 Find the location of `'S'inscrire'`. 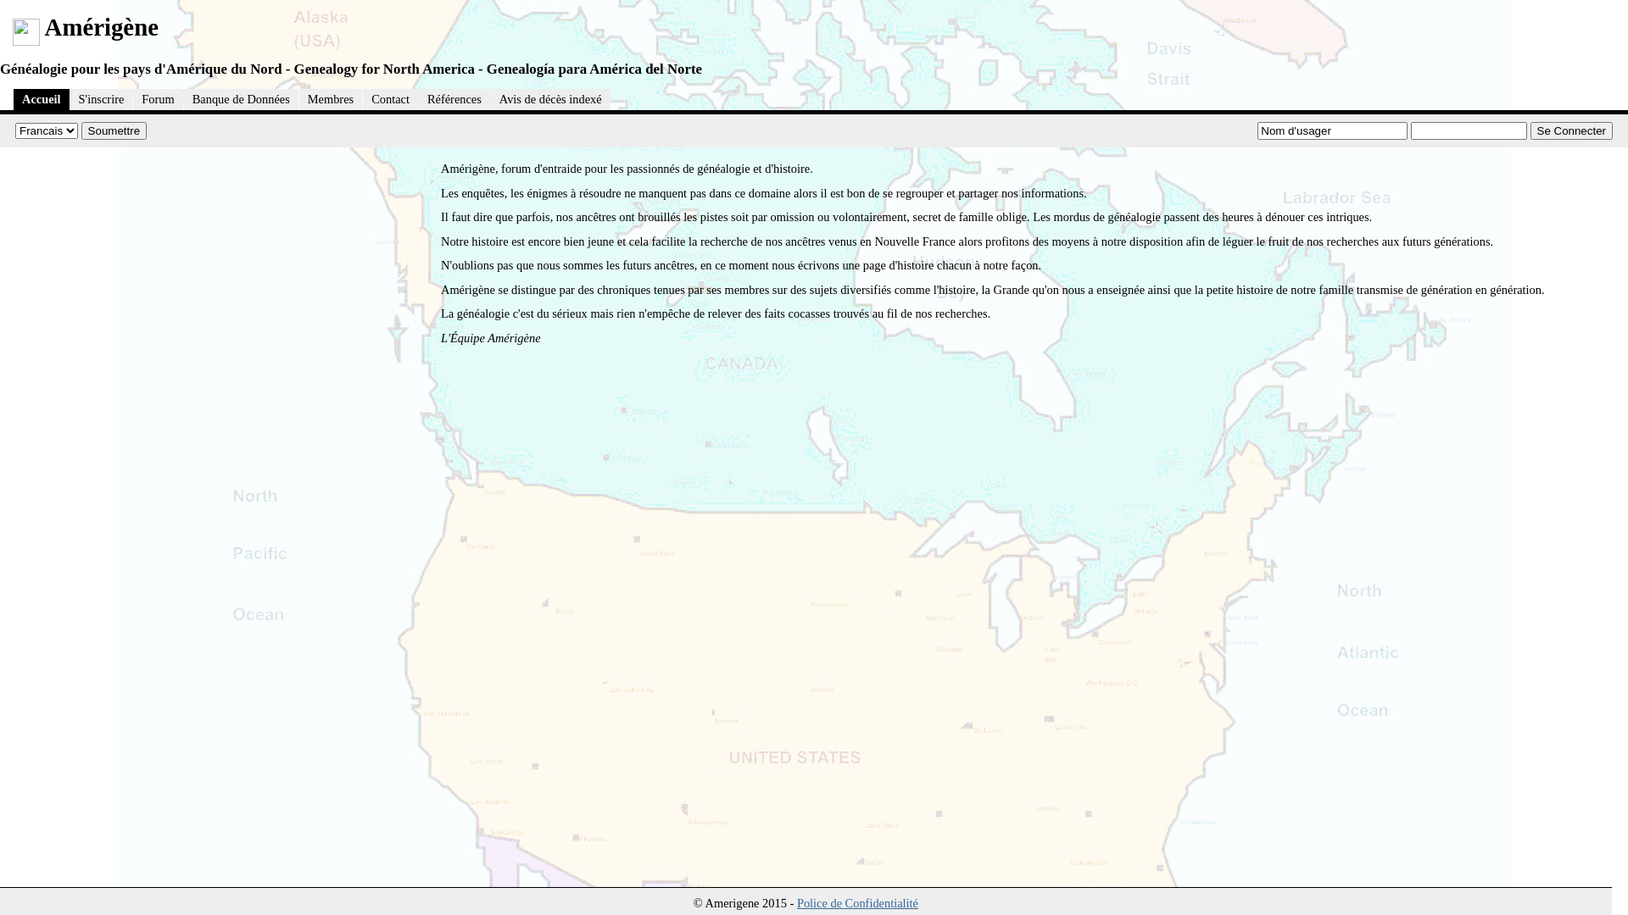

'S'inscrire' is located at coordinates (69, 99).